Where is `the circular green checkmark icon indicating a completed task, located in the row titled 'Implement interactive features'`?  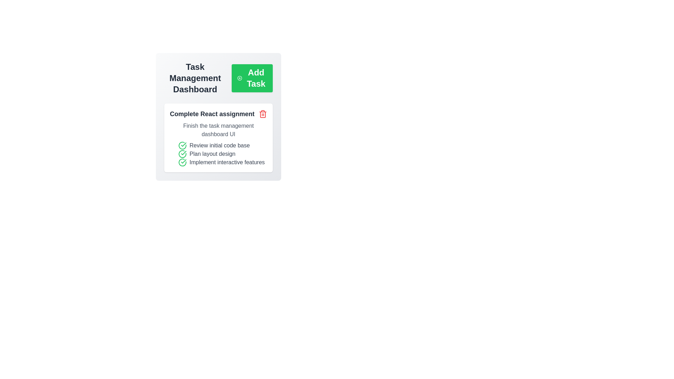
the circular green checkmark icon indicating a completed task, located in the row titled 'Implement interactive features' is located at coordinates (182, 162).